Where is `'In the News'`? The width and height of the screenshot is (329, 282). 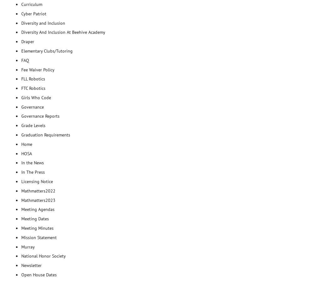 'In the News' is located at coordinates (32, 162).